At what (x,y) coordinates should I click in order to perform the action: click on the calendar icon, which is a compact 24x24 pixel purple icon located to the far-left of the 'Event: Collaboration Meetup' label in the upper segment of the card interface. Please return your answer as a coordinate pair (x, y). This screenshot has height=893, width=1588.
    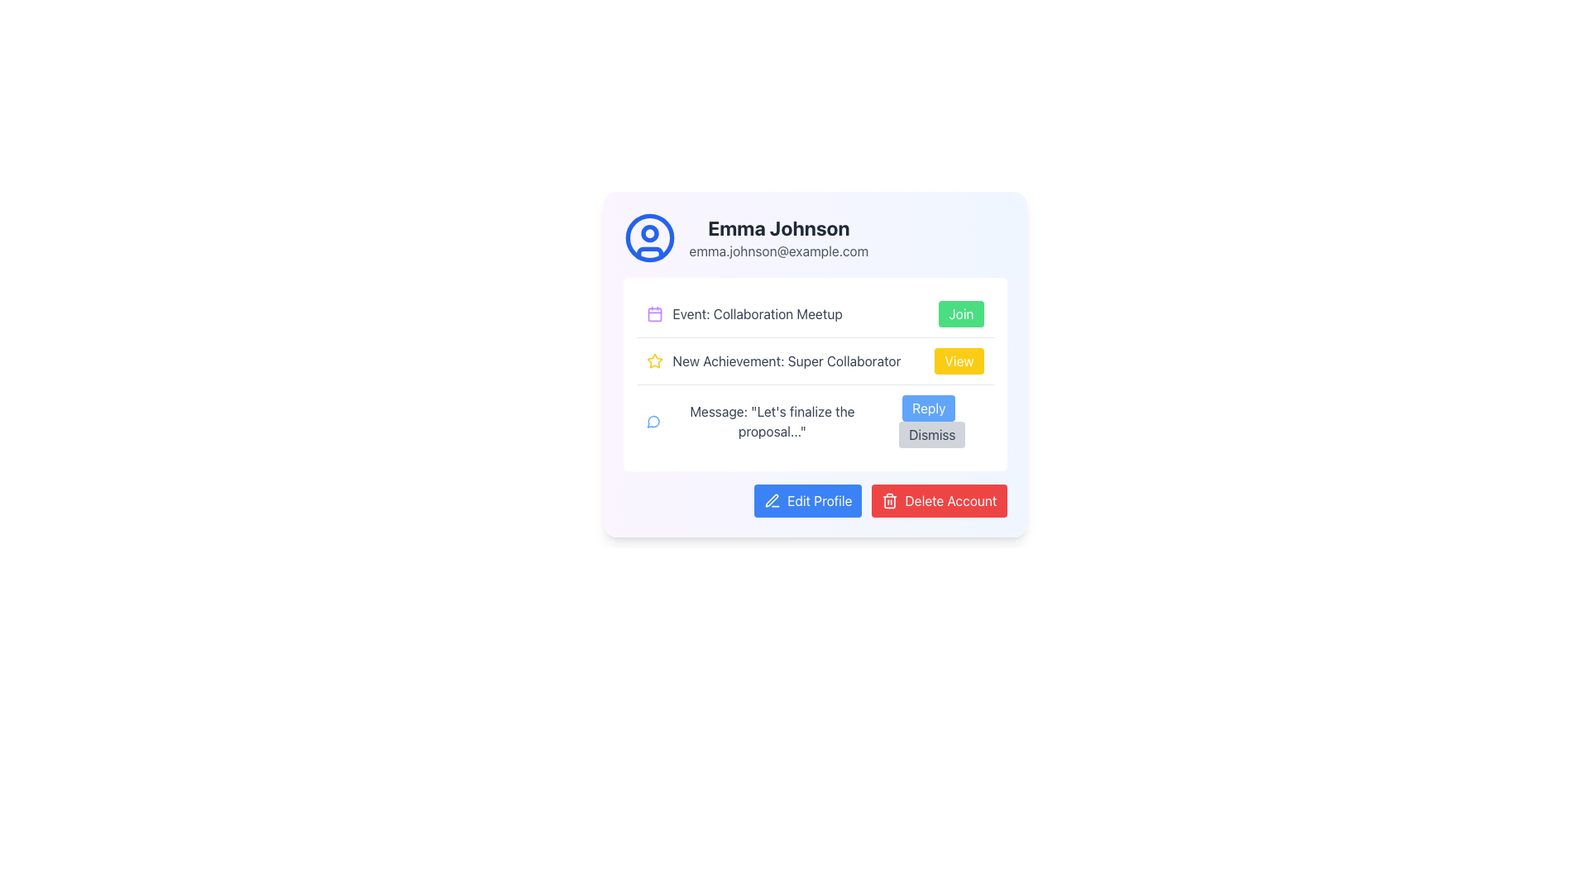
    Looking at the image, I should click on (653, 314).